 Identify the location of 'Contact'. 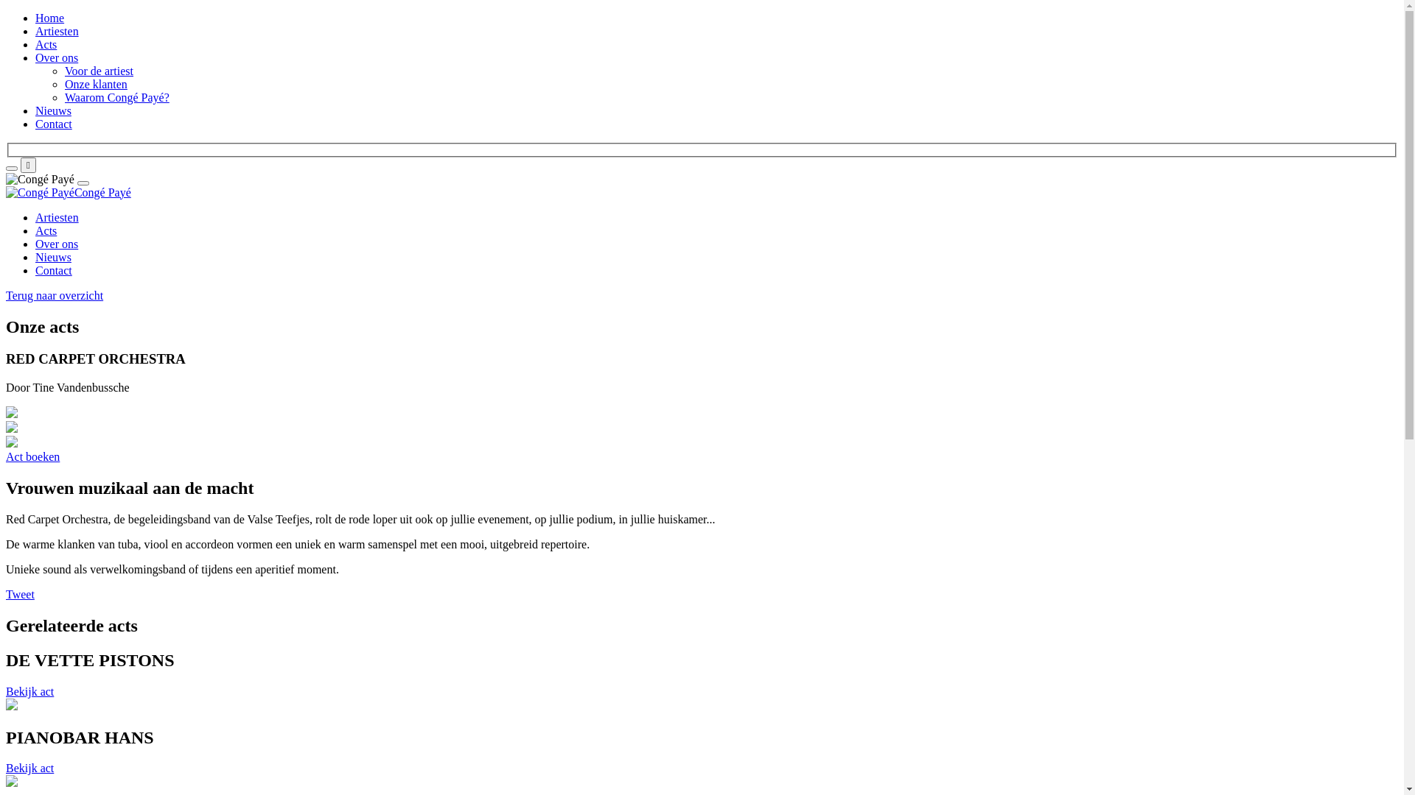
(53, 270).